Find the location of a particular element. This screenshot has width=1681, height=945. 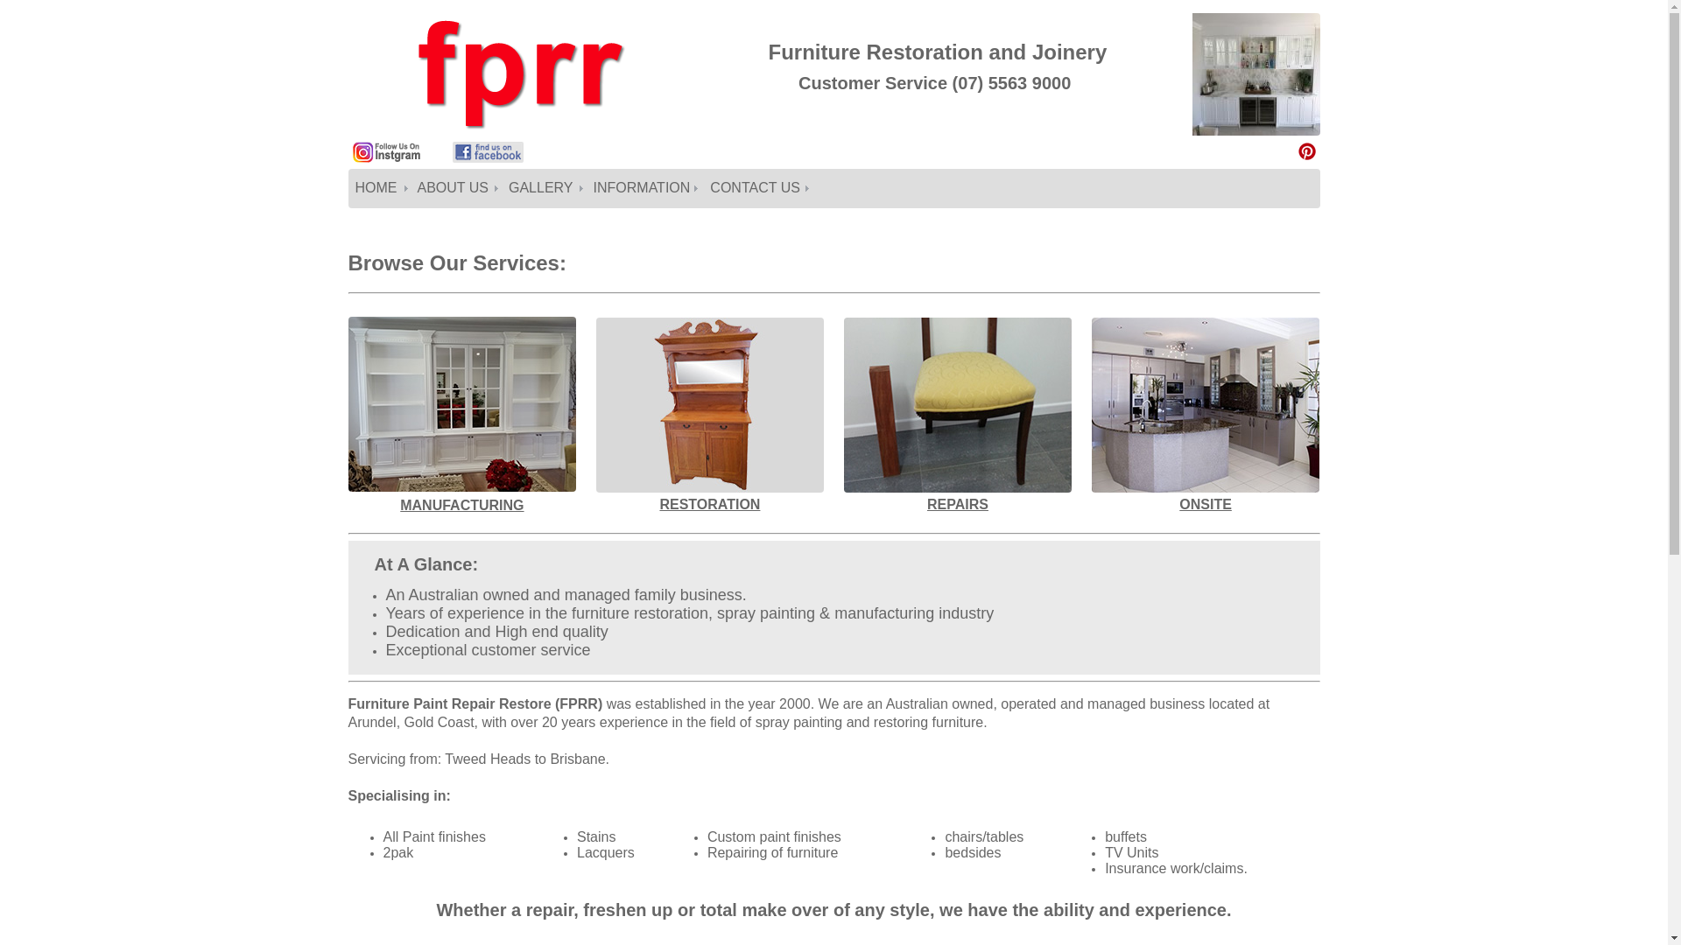

'ABOUT US' is located at coordinates (455, 188).